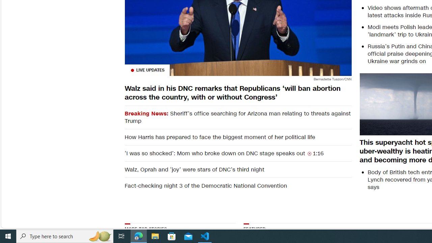  Describe the element at coordinates (172, 236) in the screenshot. I see `'Microsoft Store'` at that location.